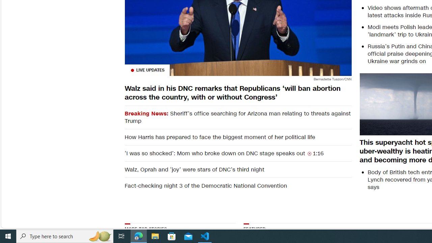  Describe the element at coordinates (172, 236) in the screenshot. I see `'Microsoft Store'` at that location.